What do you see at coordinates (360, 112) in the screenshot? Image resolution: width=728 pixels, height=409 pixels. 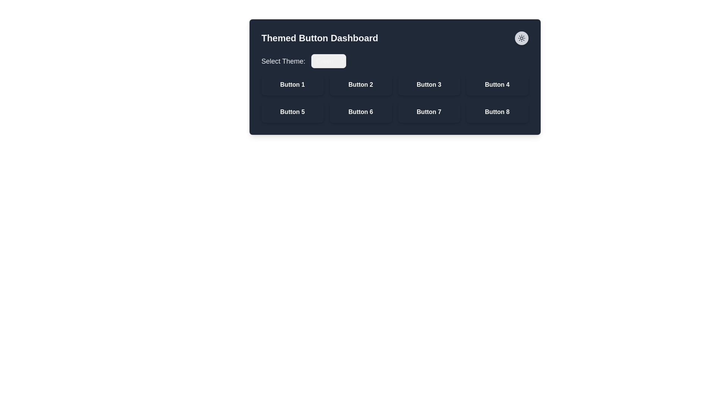 I see `the button located in the second row and second column of the grid within the 'Themed Button Dashboard'` at bounding box center [360, 112].